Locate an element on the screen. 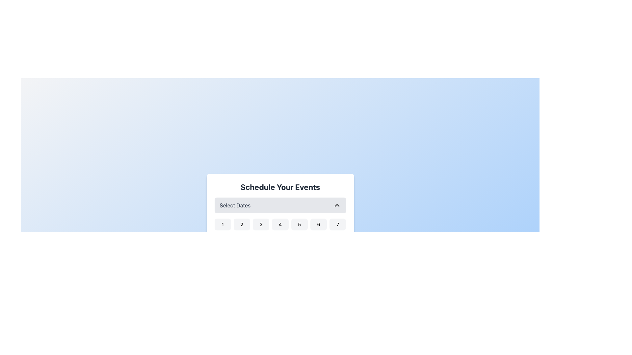  the rounded rectangular button displaying the number '2' in bold black text is located at coordinates (241, 224).